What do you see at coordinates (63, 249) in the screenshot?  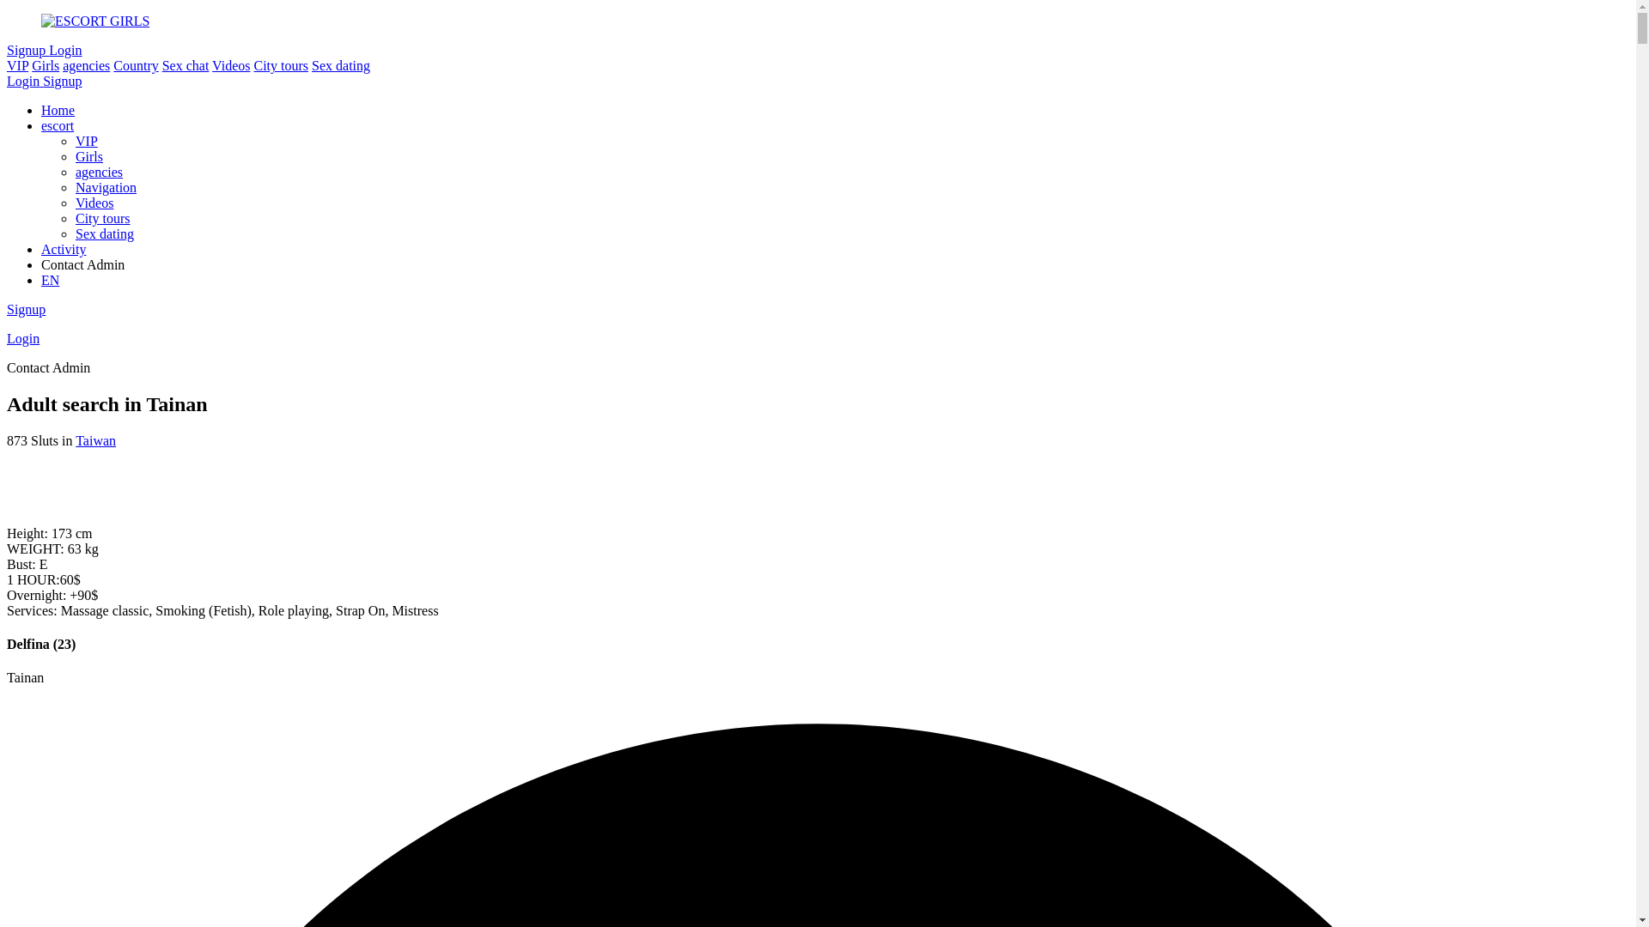 I see `'Activity'` at bounding box center [63, 249].